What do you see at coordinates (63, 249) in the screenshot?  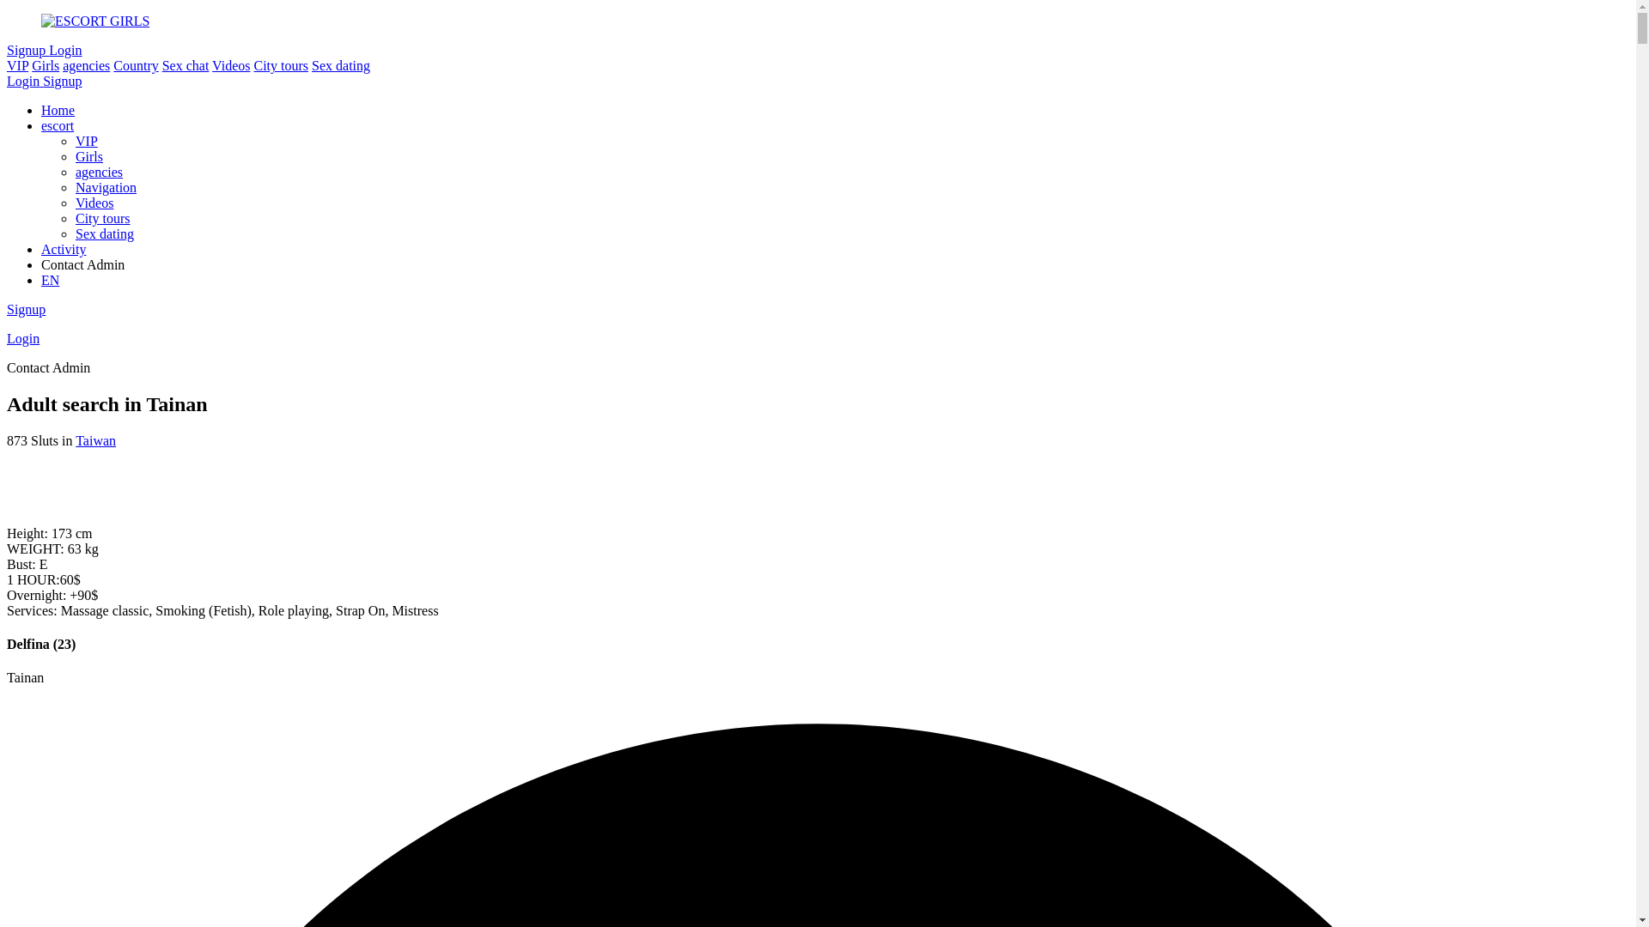 I see `'Activity'` at bounding box center [63, 249].